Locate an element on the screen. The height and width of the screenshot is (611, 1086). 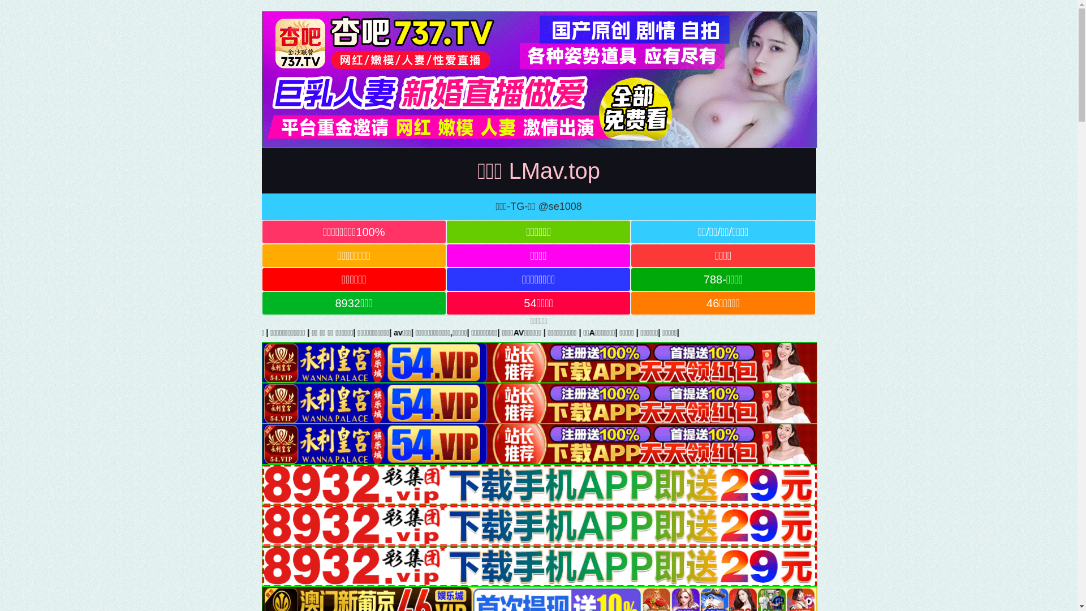
'|' is located at coordinates (583, 332).